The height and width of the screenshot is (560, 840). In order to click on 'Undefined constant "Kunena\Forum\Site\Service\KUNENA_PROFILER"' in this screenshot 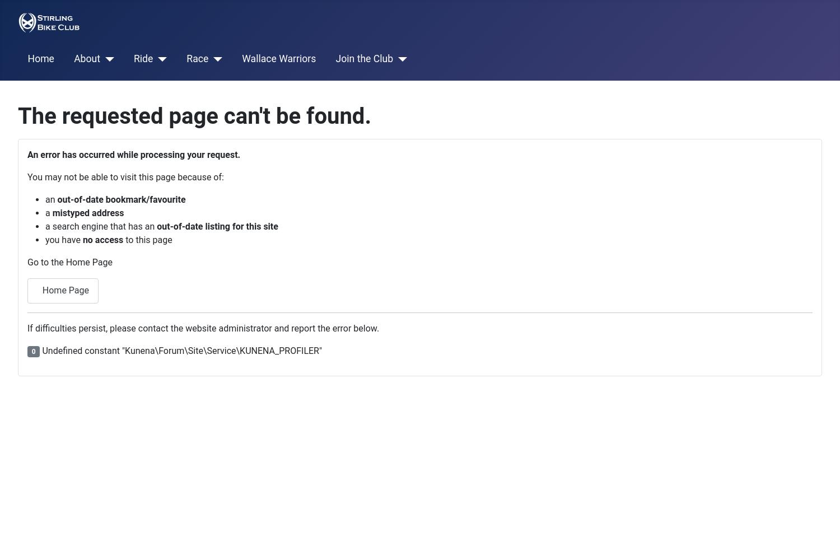, I will do `click(180, 350)`.